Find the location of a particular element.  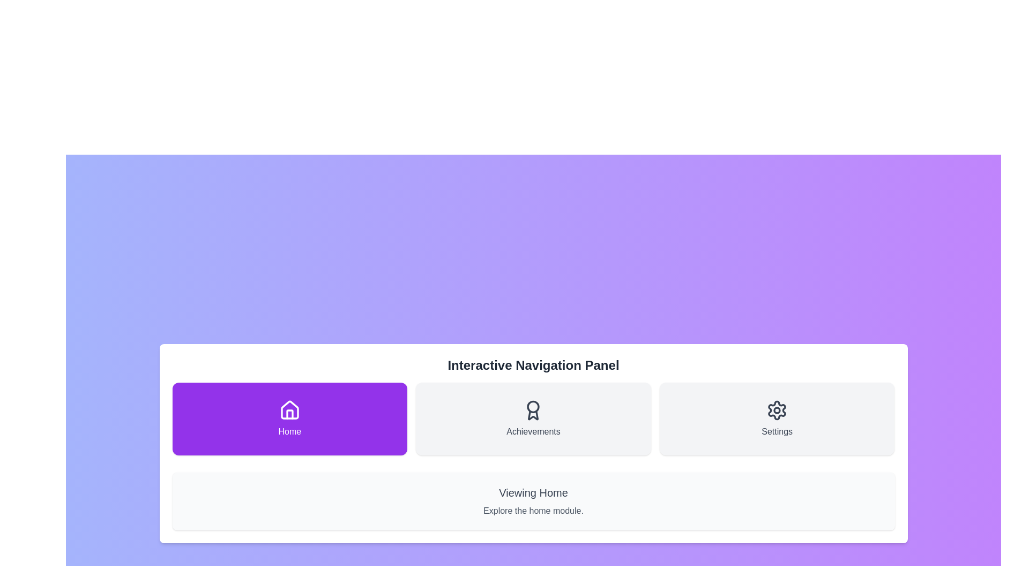

the 'Home' button located in the first column of a three-column layout, to the left of the 'Achievements' and 'Settings' buttons is located at coordinates (289, 419).